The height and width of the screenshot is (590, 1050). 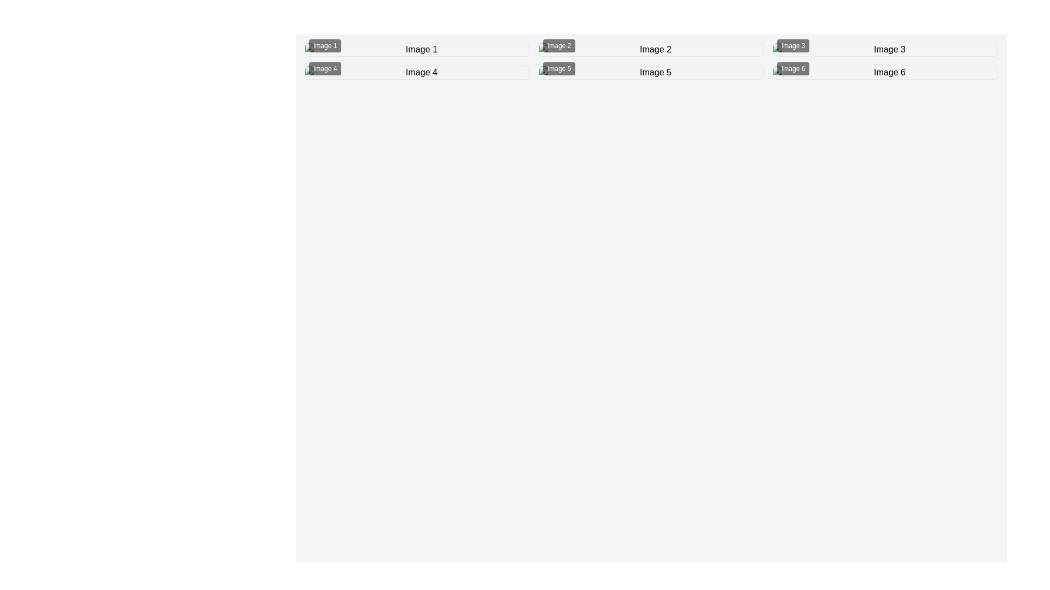 What do you see at coordinates (885, 72) in the screenshot?
I see `the thumbnail representation of 'Image 6'` at bounding box center [885, 72].